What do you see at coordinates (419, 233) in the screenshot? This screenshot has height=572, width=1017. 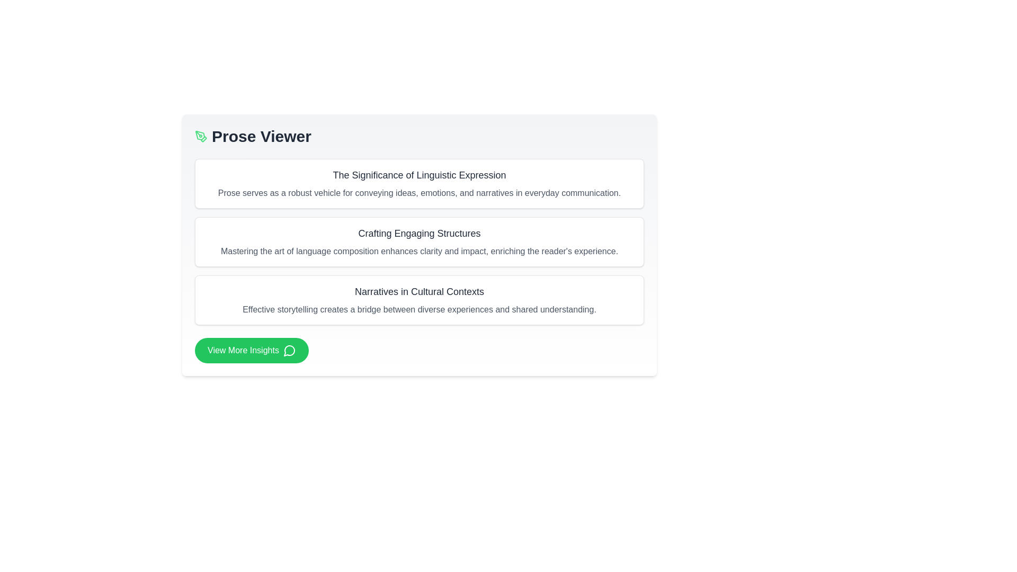 I see `the Text header that reads 'Crafting Engaging Structures', which is styled in a larger bold dark-gray font and located at the top of a white card-like section` at bounding box center [419, 233].